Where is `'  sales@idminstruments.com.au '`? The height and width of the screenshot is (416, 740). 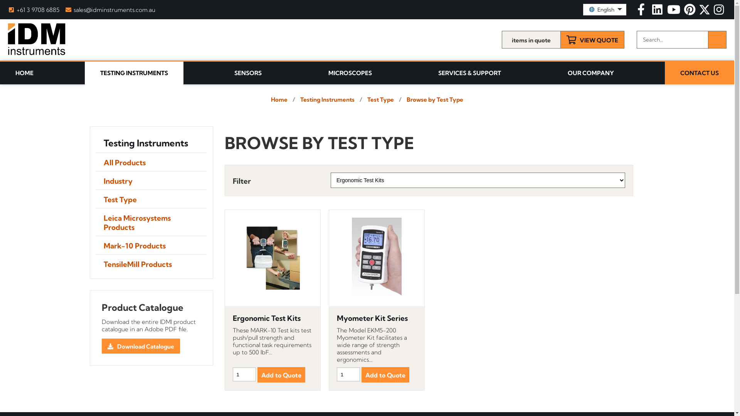
'  sales@idminstruments.com.au ' is located at coordinates (110, 10).